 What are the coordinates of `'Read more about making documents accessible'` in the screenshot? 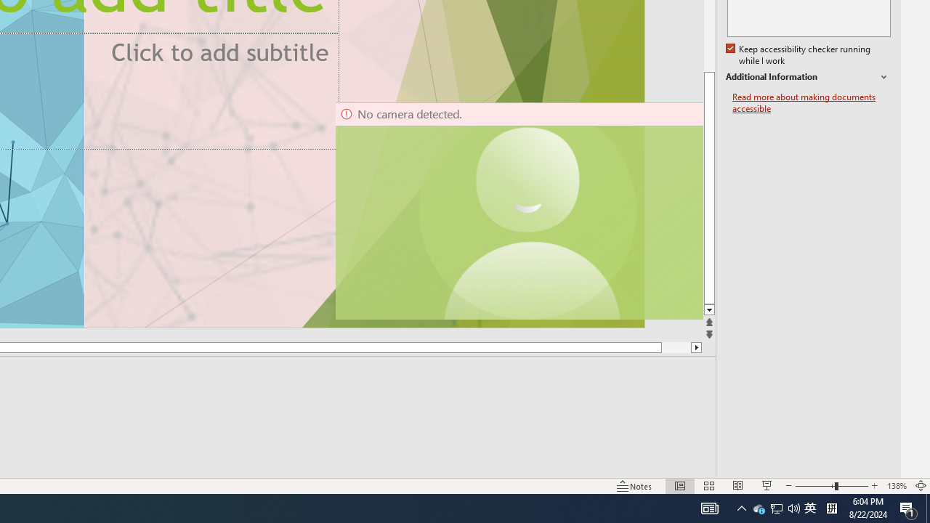 It's located at (811, 102).